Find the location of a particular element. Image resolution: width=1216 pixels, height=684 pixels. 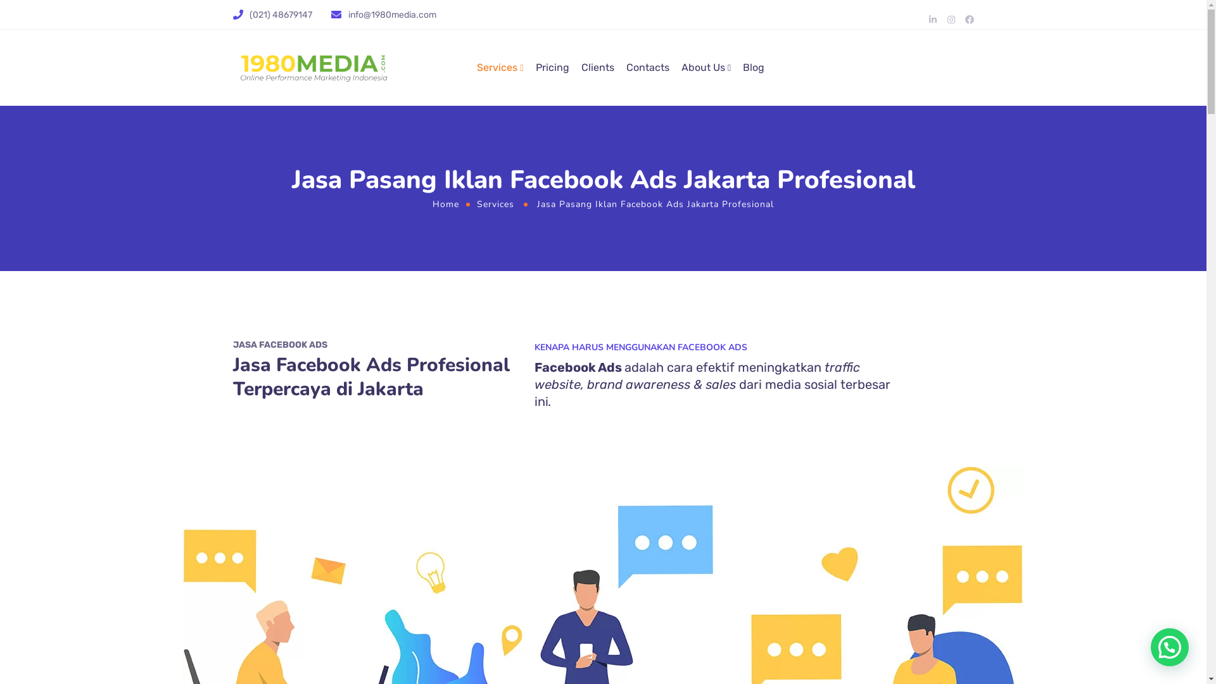

'info@1980media.com' is located at coordinates (391, 14).